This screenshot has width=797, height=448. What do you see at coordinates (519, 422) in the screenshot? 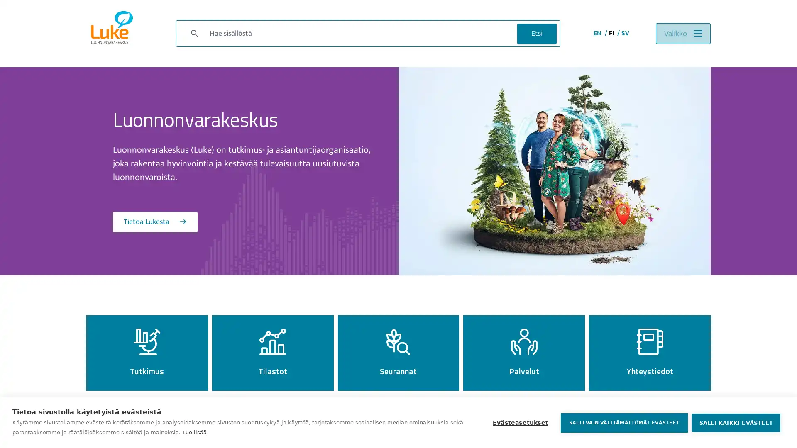
I see `Evasteasetukset` at bounding box center [519, 422].